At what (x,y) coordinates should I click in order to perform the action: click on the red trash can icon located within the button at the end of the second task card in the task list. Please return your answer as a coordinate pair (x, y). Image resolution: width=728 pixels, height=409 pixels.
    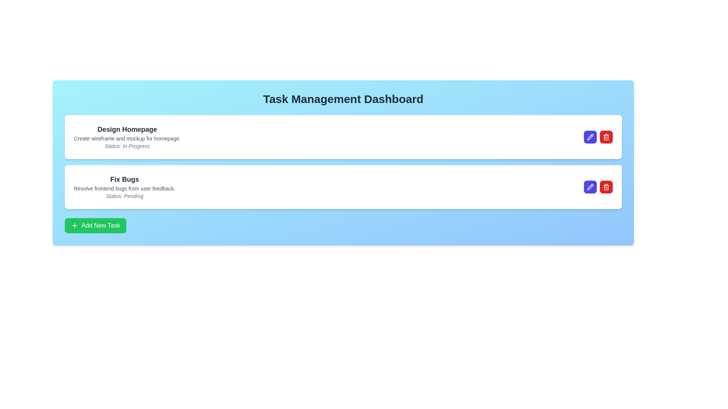
    Looking at the image, I should click on (606, 187).